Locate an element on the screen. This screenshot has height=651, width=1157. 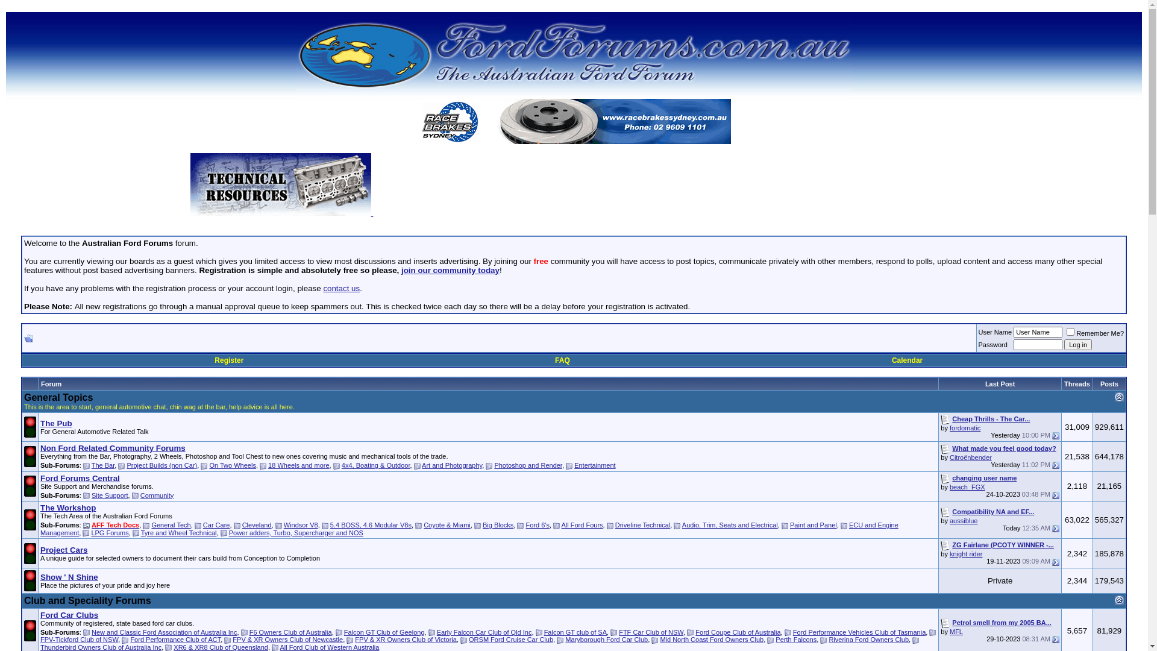
'On Two Wheels' is located at coordinates (232, 464).